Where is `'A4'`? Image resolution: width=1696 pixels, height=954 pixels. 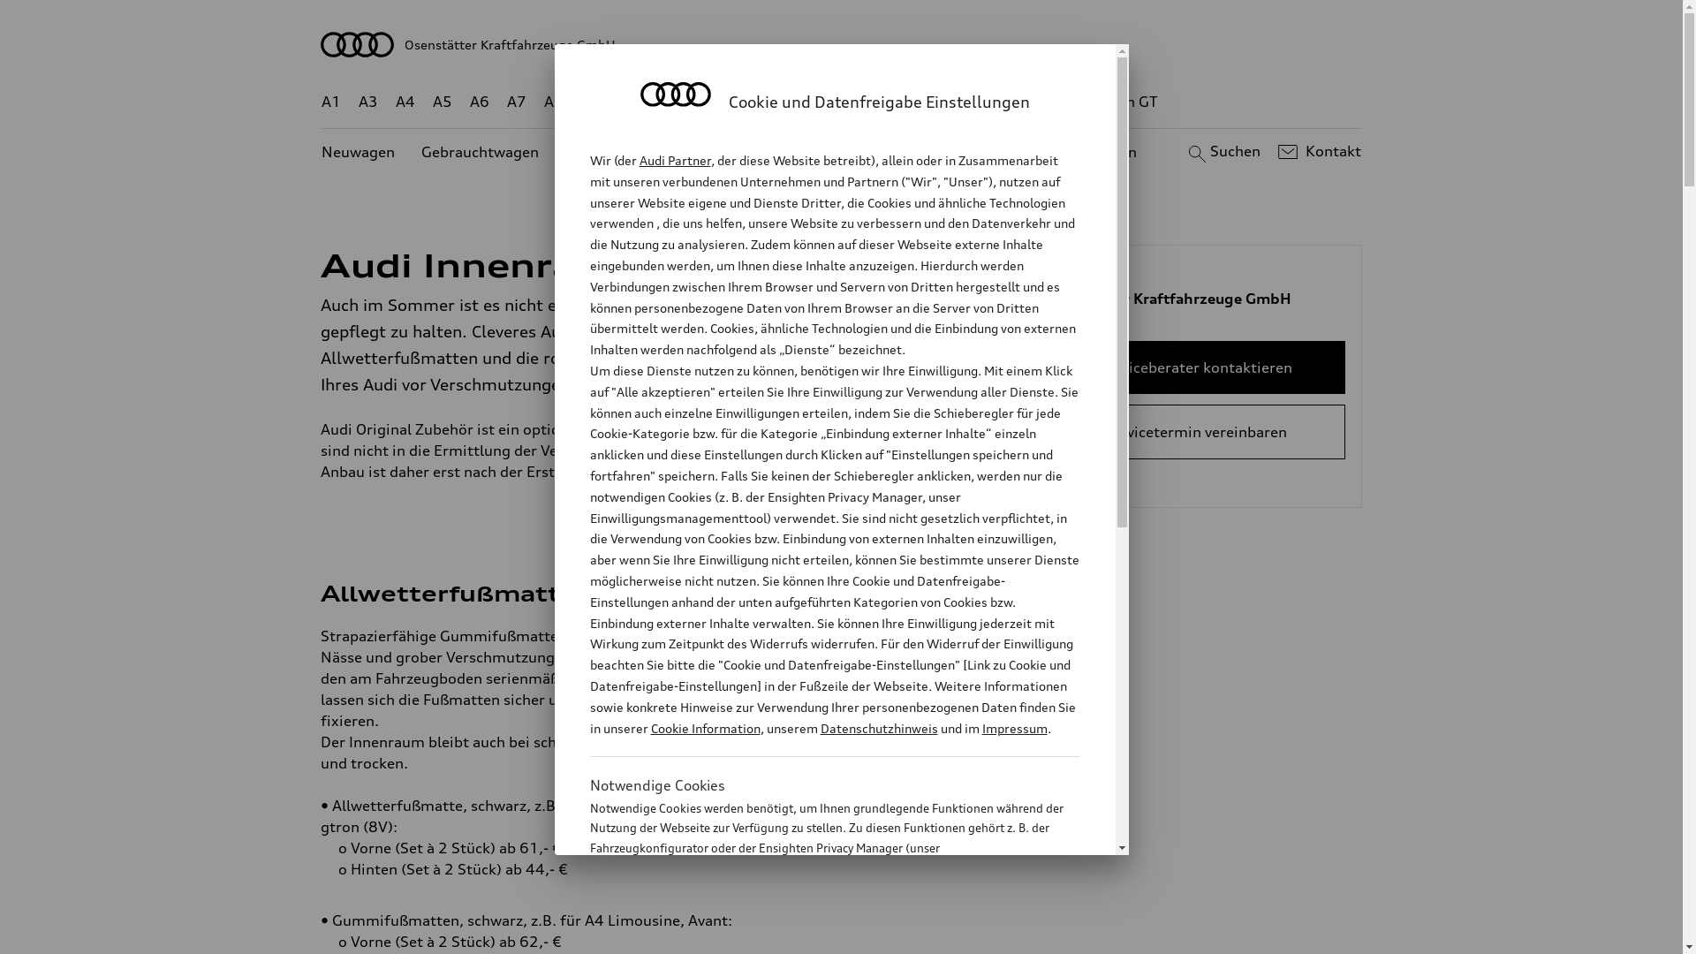
'A4' is located at coordinates (405, 102).